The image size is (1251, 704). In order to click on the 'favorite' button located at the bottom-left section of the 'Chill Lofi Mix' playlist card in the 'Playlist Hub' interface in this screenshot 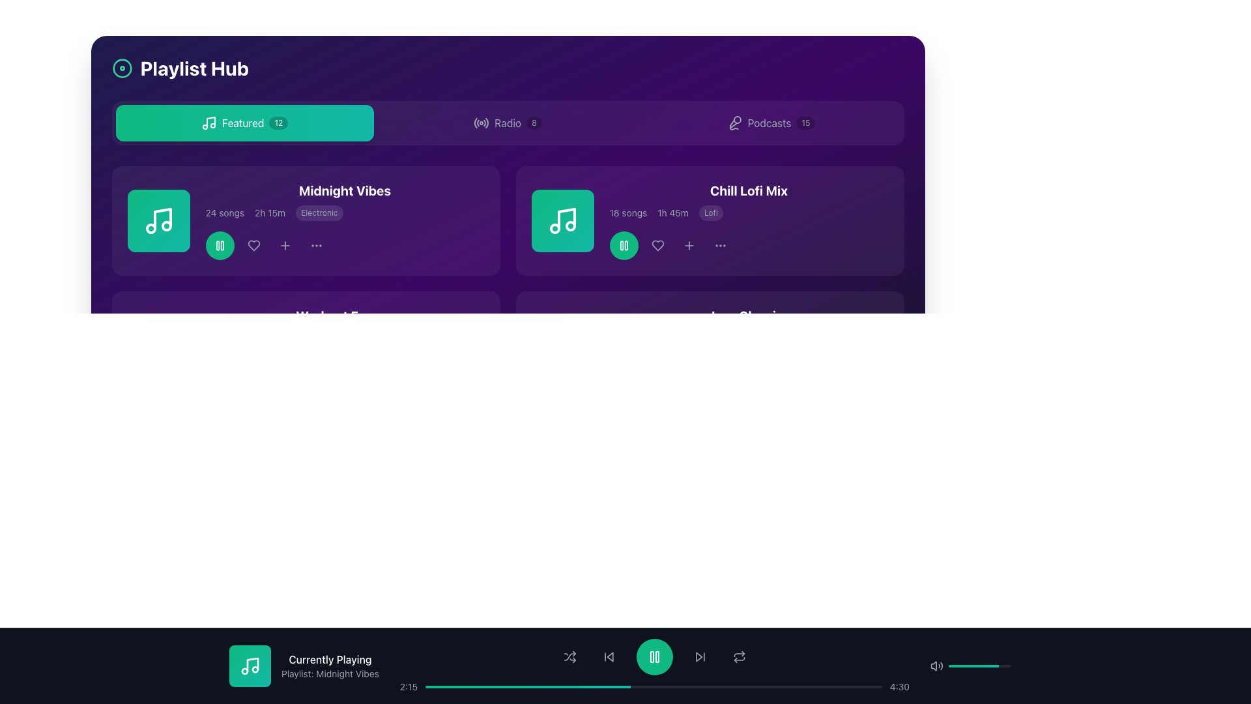, I will do `click(657, 371)`.